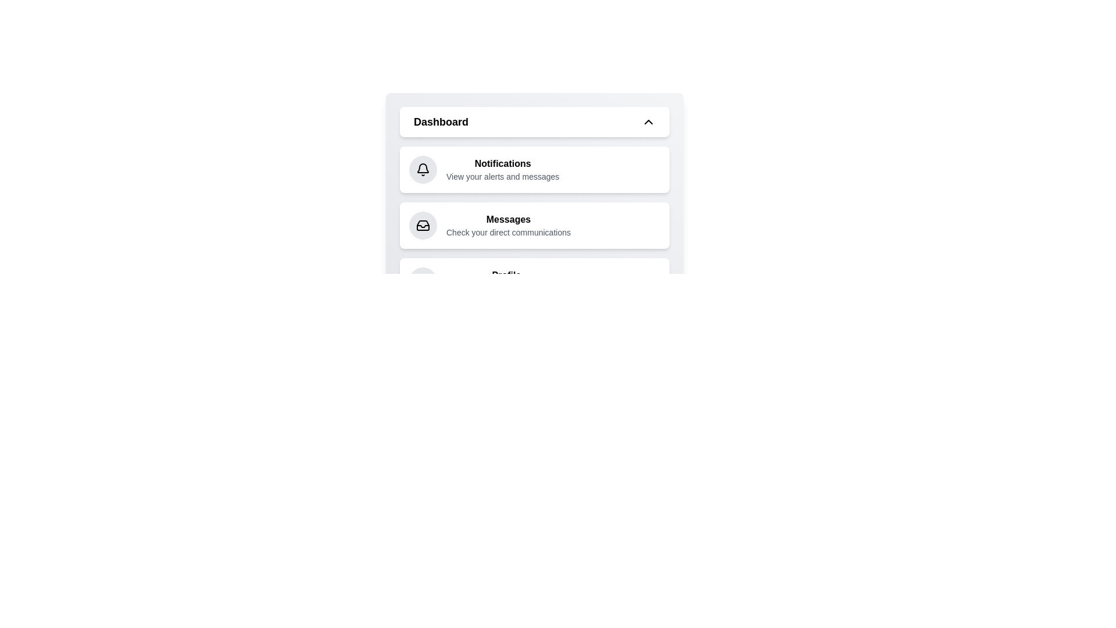 This screenshot has height=628, width=1116. What do you see at coordinates (423, 226) in the screenshot?
I see `the icon associated with the menu item Messages` at bounding box center [423, 226].